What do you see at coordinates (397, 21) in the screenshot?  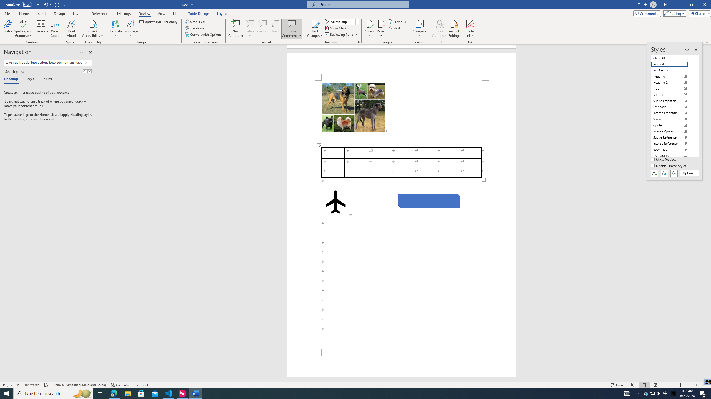 I see `'Previous'` at bounding box center [397, 21].